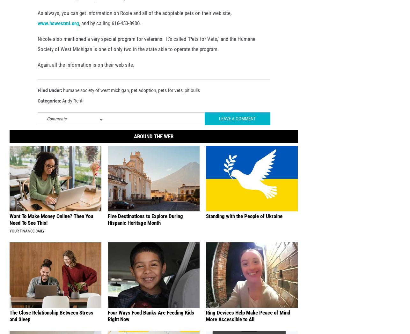  What do you see at coordinates (237, 129) in the screenshot?
I see `'Leave A Comment'` at bounding box center [237, 129].